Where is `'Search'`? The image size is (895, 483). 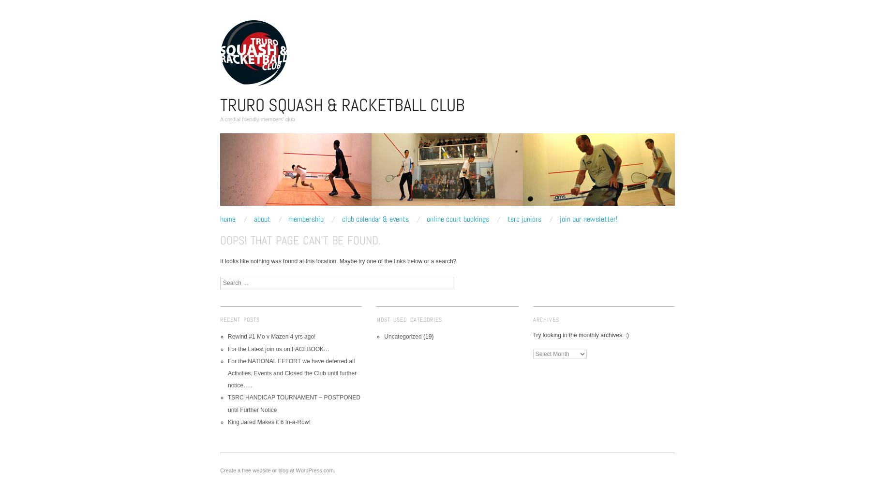
'Search' is located at coordinates (229, 280).